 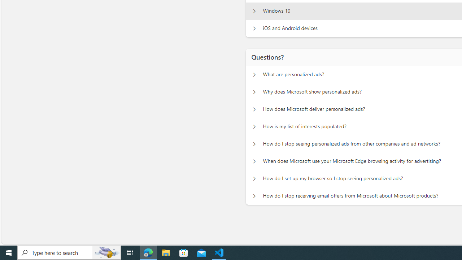 What do you see at coordinates (254, 11) in the screenshot?
I see `'Manage personalized ads on your device Windows 10'` at bounding box center [254, 11].